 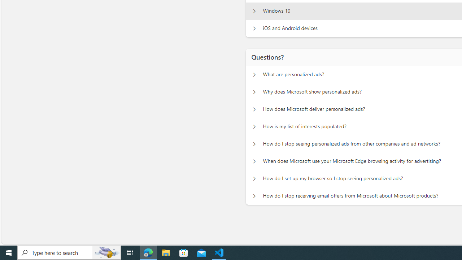 What do you see at coordinates (254, 11) in the screenshot?
I see `'Manage personalized ads on your device Windows 10'` at bounding box center [254, 11].